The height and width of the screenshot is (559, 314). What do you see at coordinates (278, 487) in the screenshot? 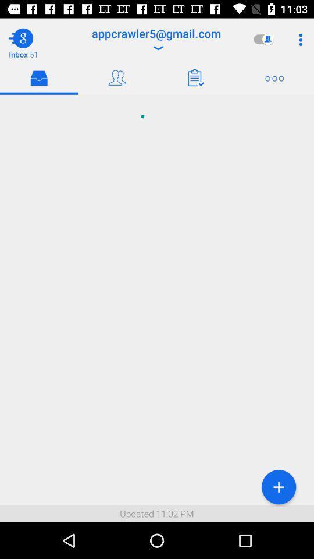
I see `icon next to the updated 11 02 icon` at bounding box center [278, 487].